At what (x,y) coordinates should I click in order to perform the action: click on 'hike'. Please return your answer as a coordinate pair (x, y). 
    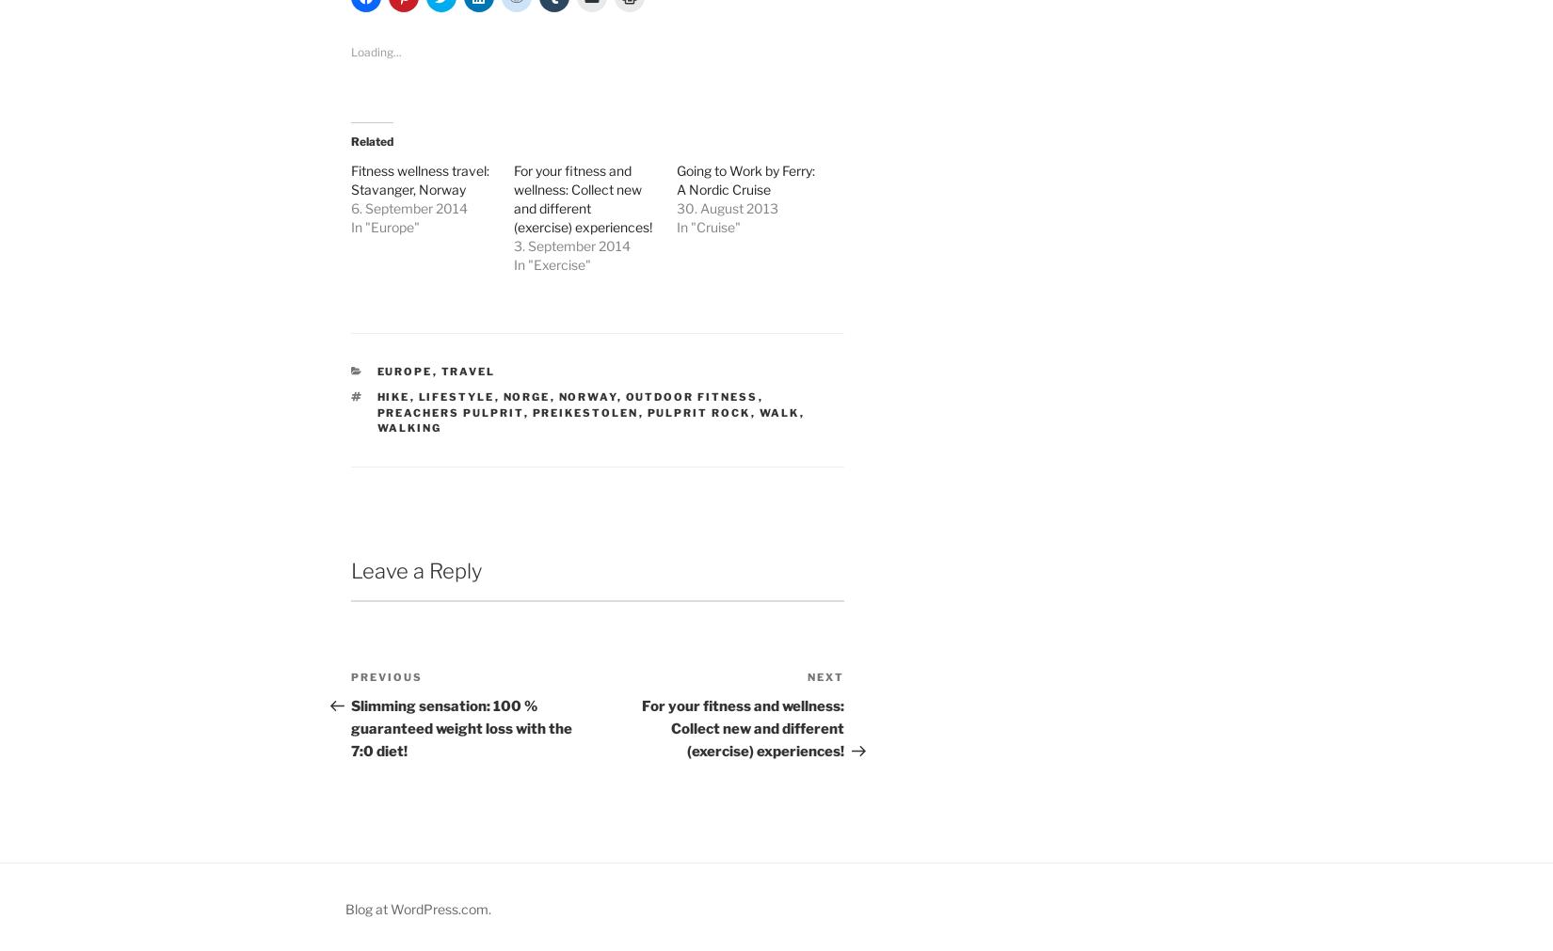
    Looking at the image, I should click on (392, 395).